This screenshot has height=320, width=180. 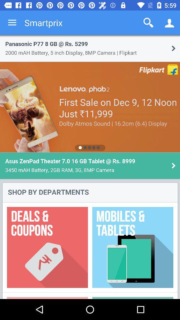 What do you see at coordinates (90, 167) in the screenshot?
I see `shows the enire imagw option` at bounding box center [90, 167].